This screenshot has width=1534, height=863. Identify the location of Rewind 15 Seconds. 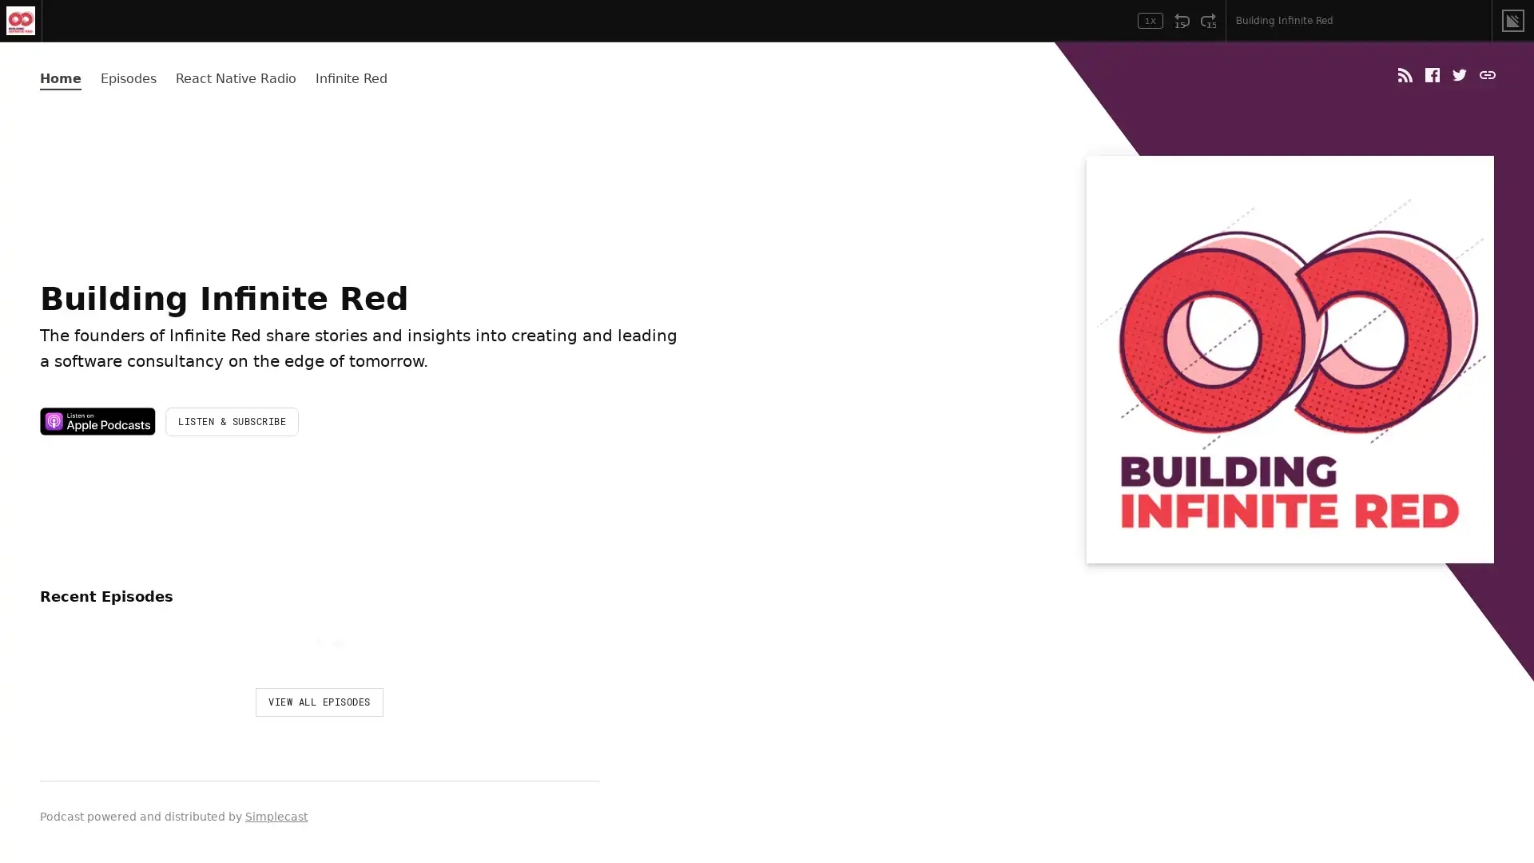
(1182, 21).